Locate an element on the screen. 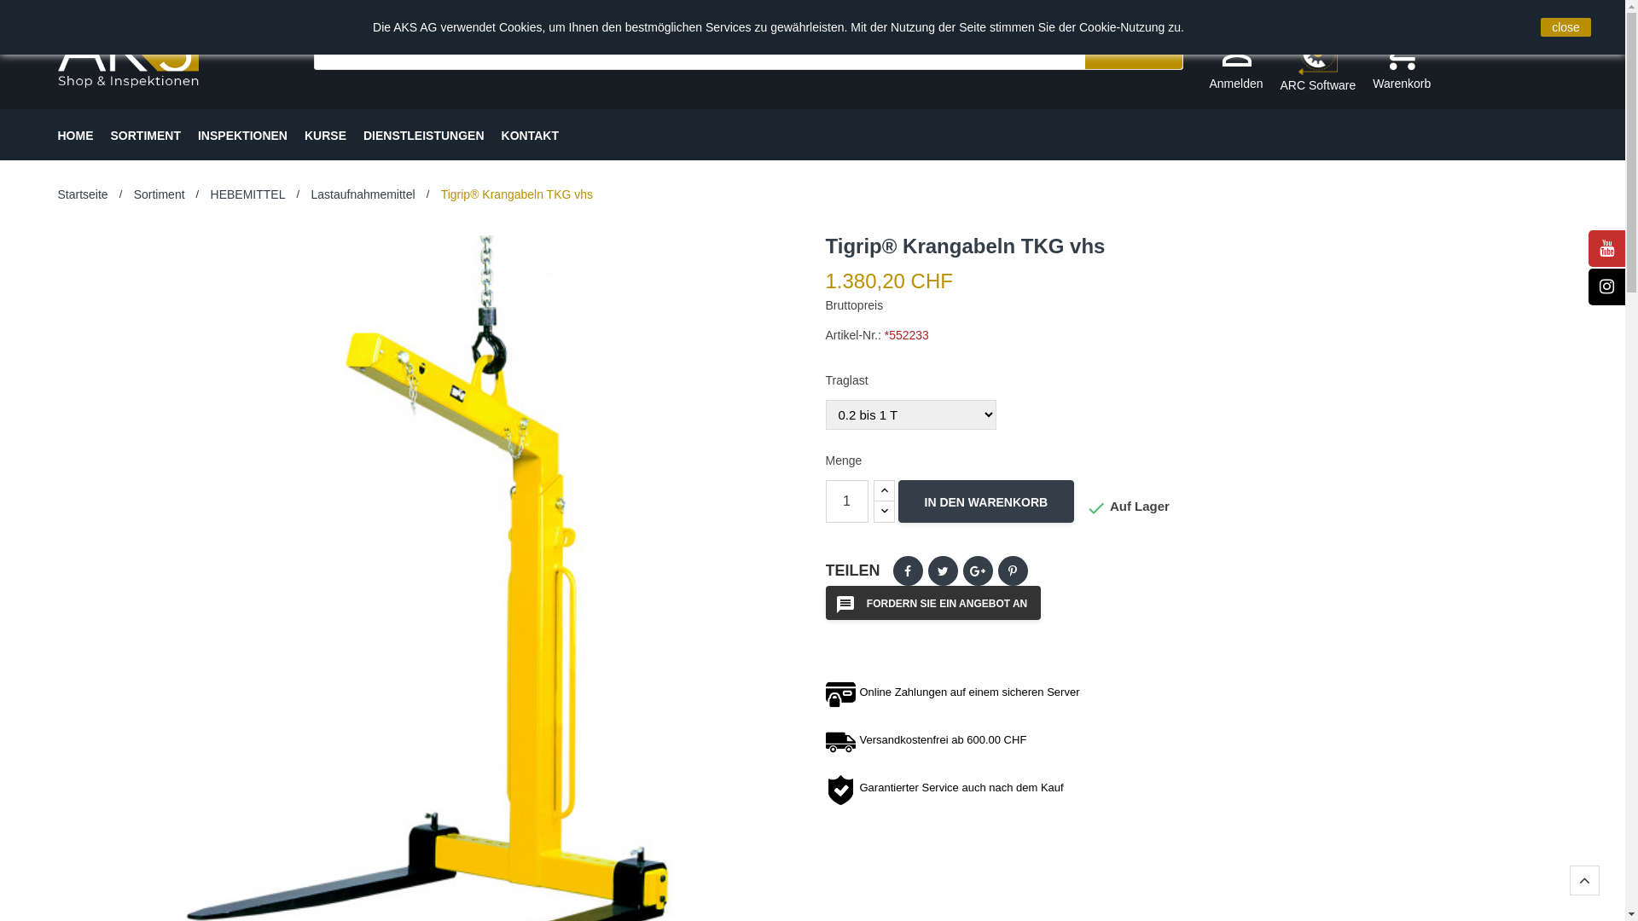 Image resolution: width=1638 pixels, height=921 pixels. 'Sortiment' is located at coordinates (160, 193).